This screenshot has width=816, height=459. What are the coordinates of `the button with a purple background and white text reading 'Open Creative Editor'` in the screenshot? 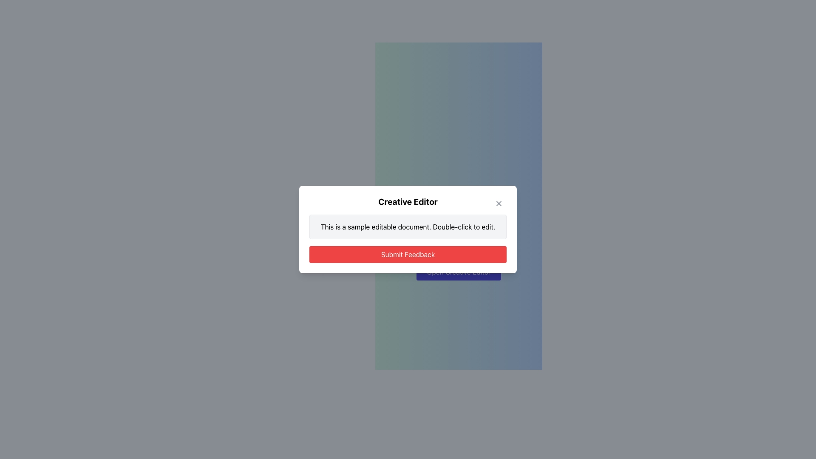 It's located at (458, 272).